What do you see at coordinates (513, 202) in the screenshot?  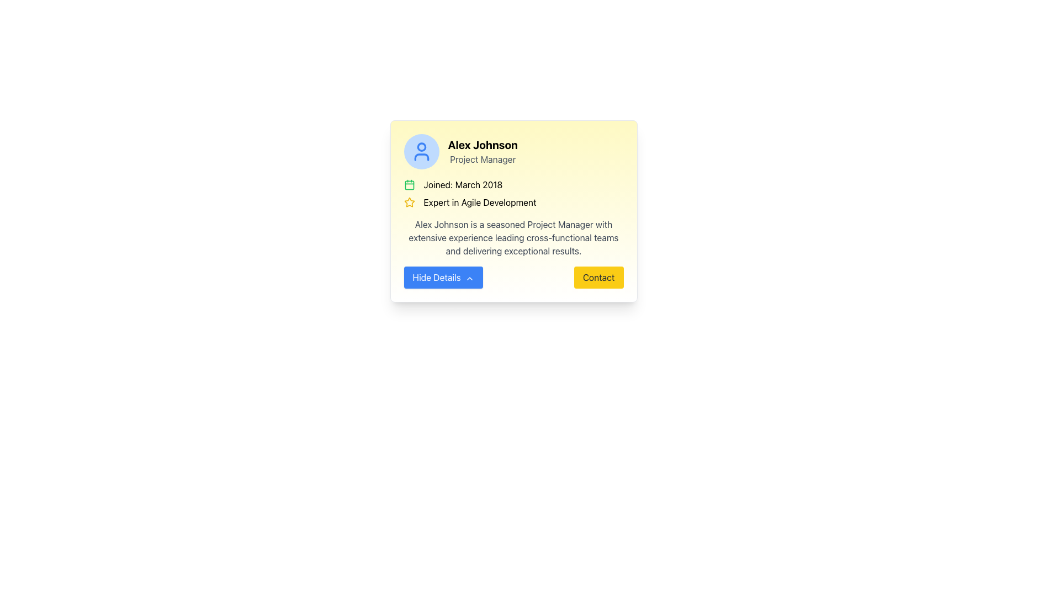 I see `the Text label with icon that indicates the individual's expertise in Agile Development, located in the middle section of the user profile card, below 'Joined: March 2018' and above the detailed description section` at bounding box center [513, 202].